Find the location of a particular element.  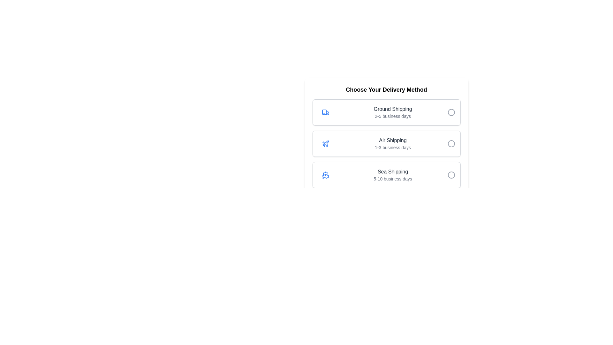

the textual label displaying the name and estimated delivery time of the second shipping option within the selectable card is located at coordinates (392, 144).